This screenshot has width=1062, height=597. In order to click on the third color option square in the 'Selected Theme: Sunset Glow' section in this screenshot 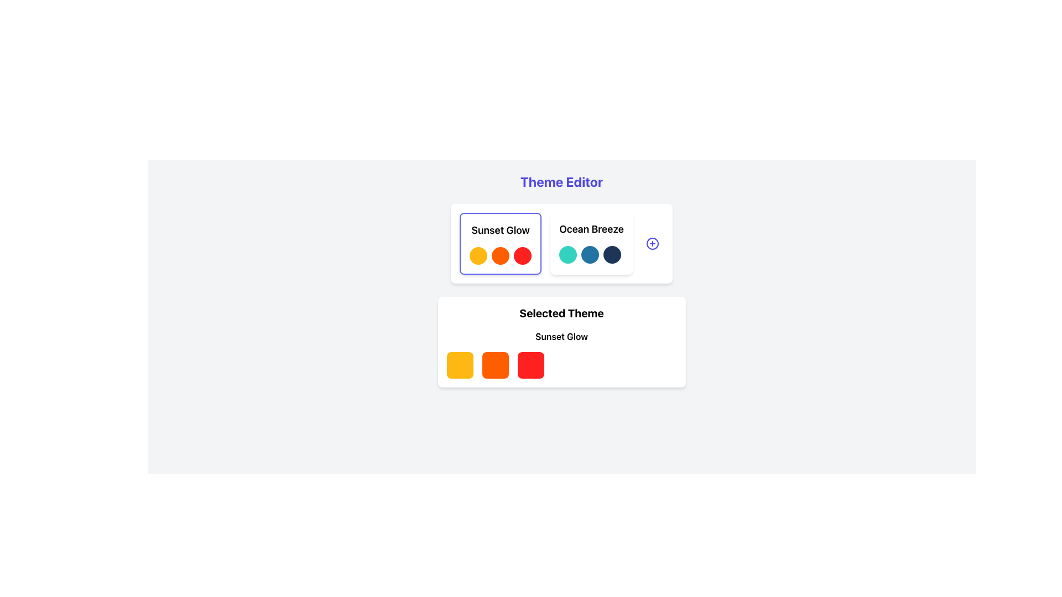, I will do `click(530, 365)`.